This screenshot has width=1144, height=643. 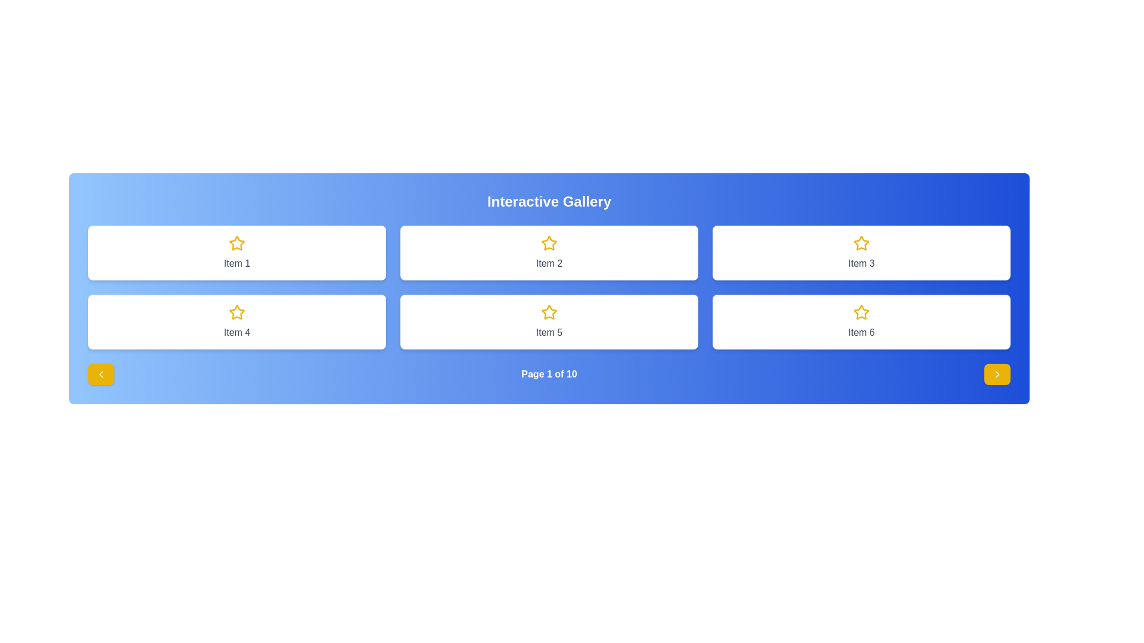 What do you see at coordinates (861, 311) in the screenshot?
I see `the interactive star icon, which is a vibrant yellow outline star positioned above the text 'Item 6' in the lower-right card` at bounding box center [861, 311].